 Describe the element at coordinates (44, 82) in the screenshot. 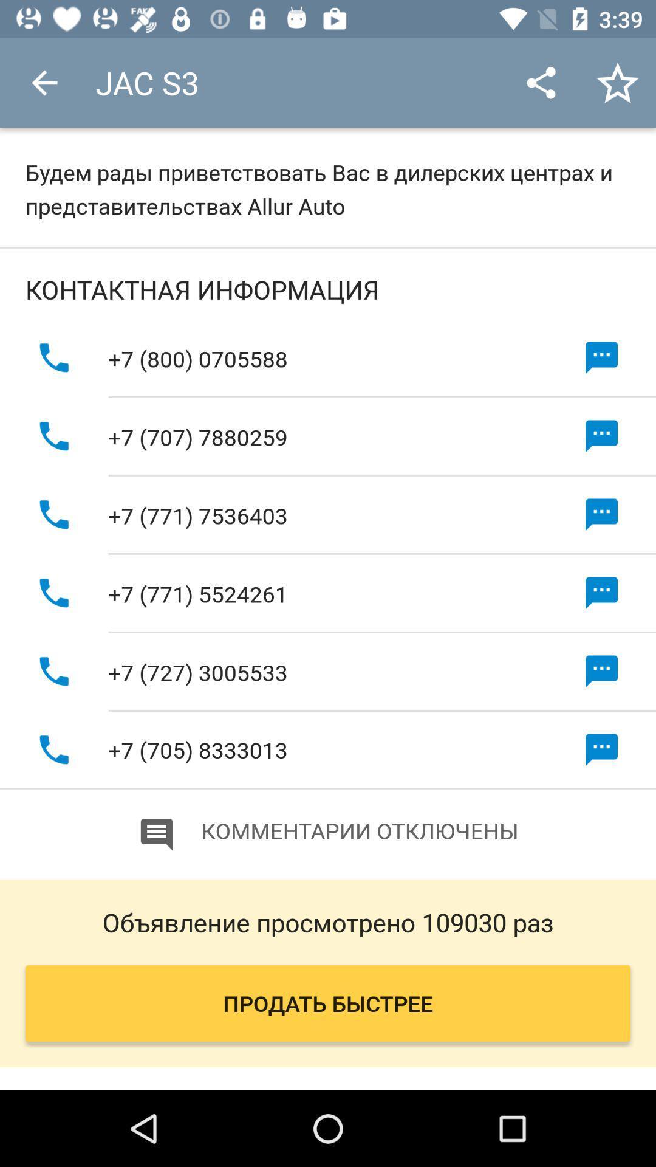

I see `icon to the left of jac s3 app` at that location.